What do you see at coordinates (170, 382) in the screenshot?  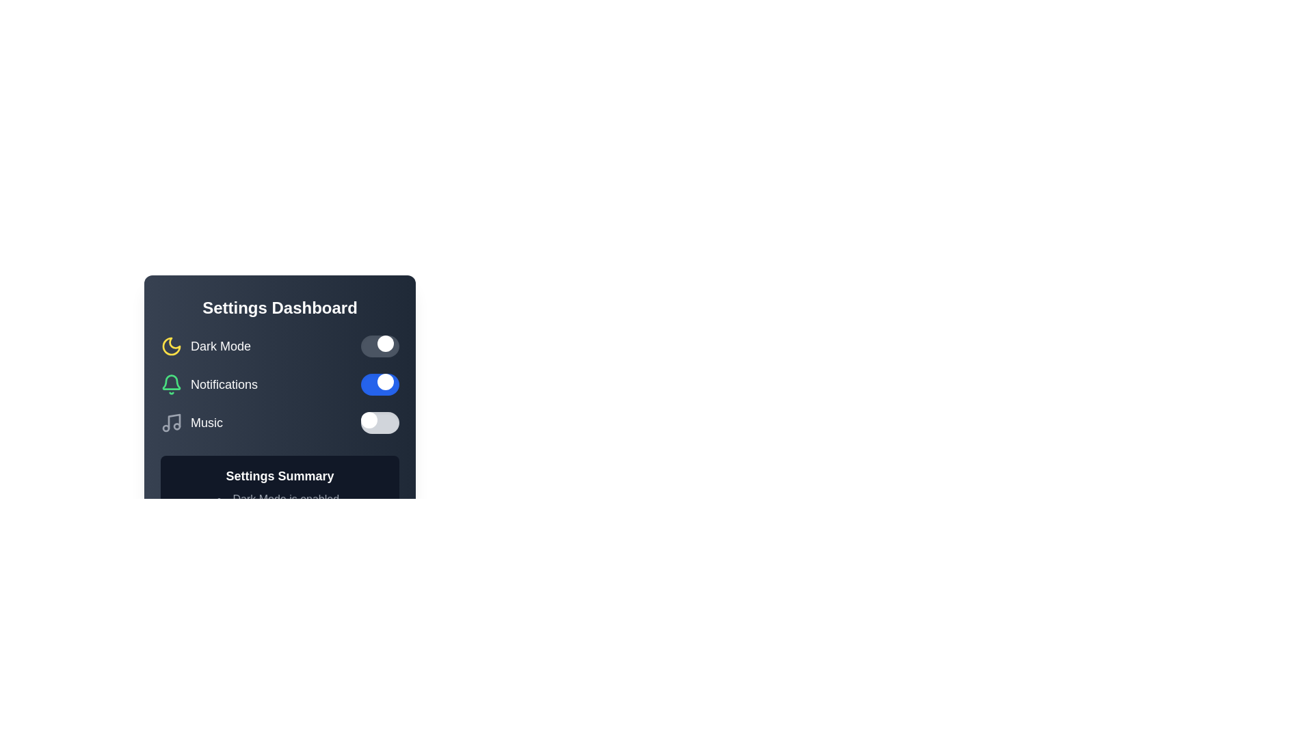 I see `the bell icon with a green outline, which is located to the left of the 'Notifications' text in the settings dashboard layout` at bounding box center [170, 382].